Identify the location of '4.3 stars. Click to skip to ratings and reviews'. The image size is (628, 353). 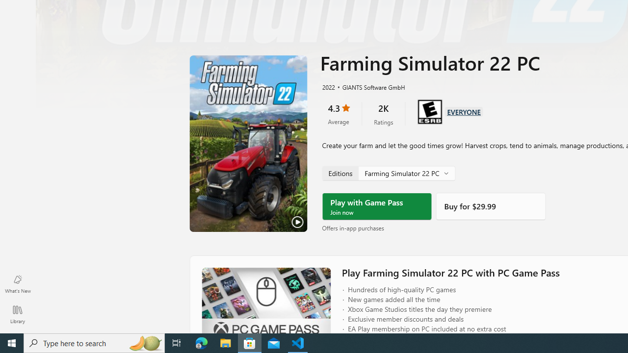
(338, 113).